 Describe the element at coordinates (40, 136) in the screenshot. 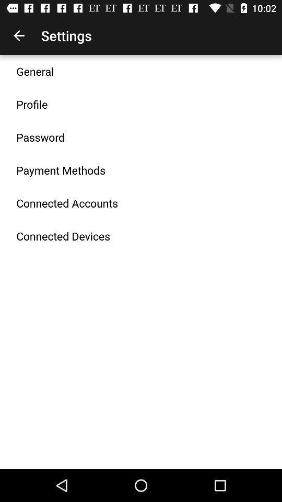

I see `the password` at that location.